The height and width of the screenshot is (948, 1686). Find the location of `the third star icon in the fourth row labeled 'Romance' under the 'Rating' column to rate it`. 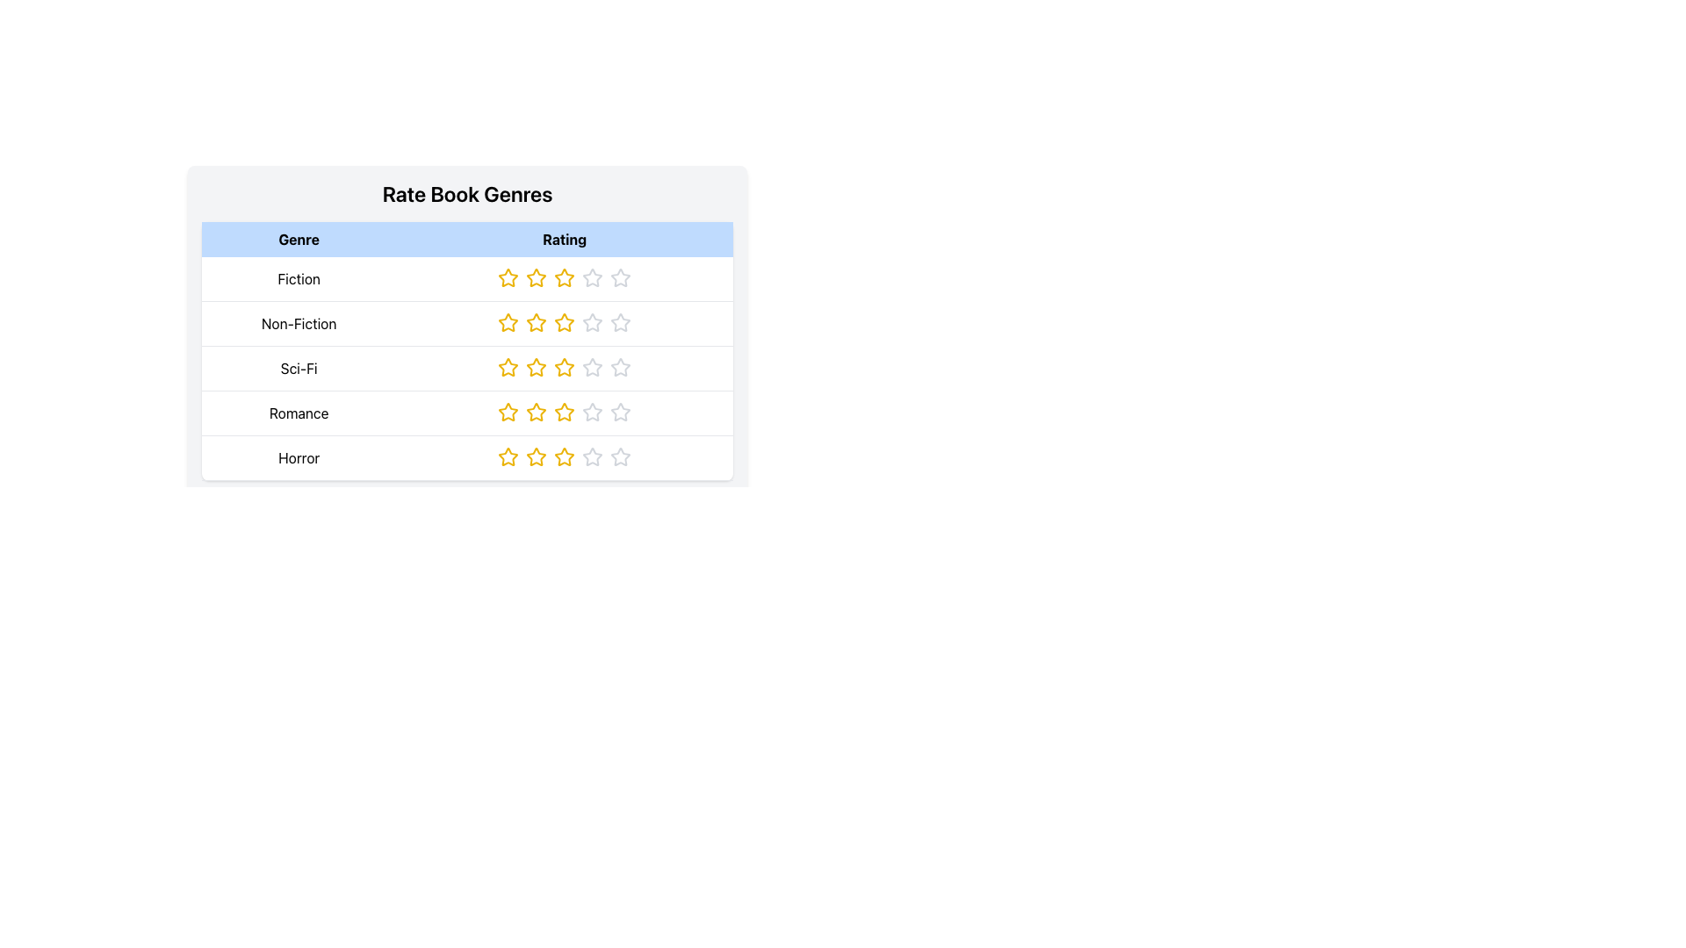

the third star icon in the fourth row labeled 'Romance' under the 'Rating' column to rate it is located at coordinates (565, 413).